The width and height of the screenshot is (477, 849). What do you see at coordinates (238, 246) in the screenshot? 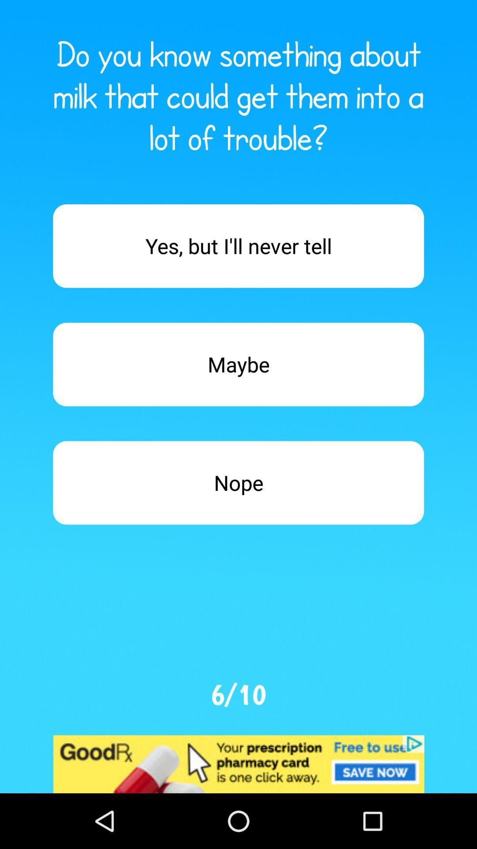
I see `answer` at bounding box center [238, 246].